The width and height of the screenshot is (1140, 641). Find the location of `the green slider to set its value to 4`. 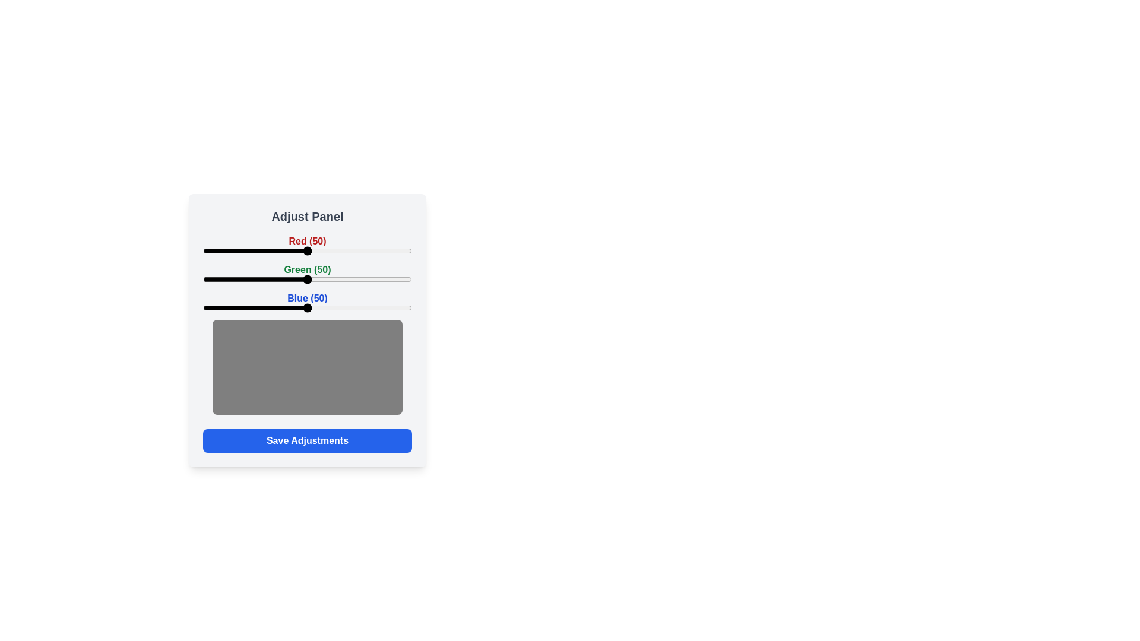

the green slider to set its value to 4 is located at coordinates (211, 279).